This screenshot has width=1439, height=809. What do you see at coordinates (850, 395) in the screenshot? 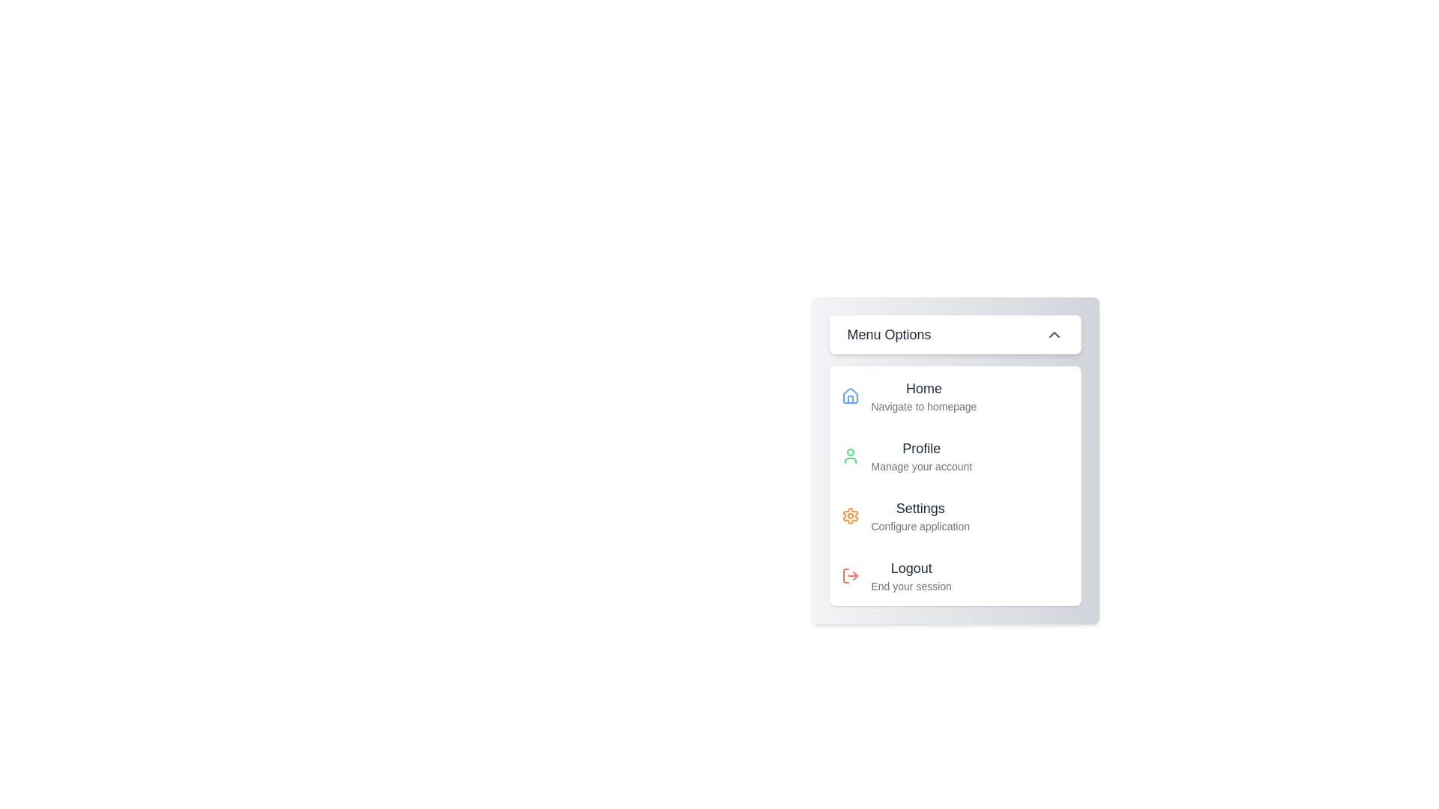
I see `the decorative 'Home' icon that visually supports the 'Home' label for navigation to the homepage` at bounding box center [850, 395].